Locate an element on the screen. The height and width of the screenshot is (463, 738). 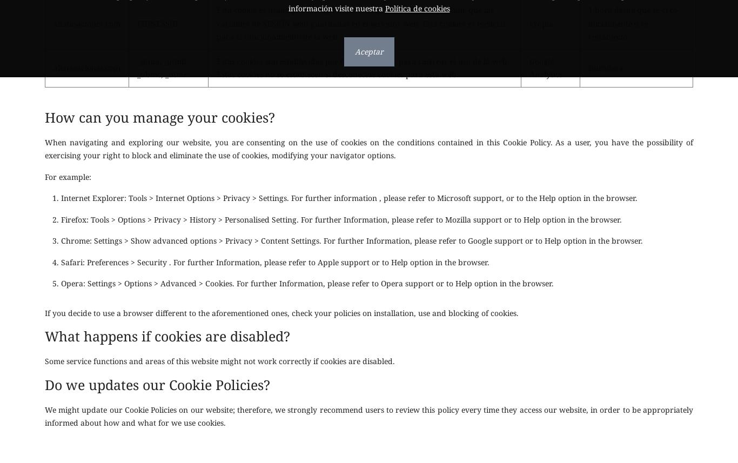
'Do we updates our Cookie Policies?' is located at coordinates (157, 384).